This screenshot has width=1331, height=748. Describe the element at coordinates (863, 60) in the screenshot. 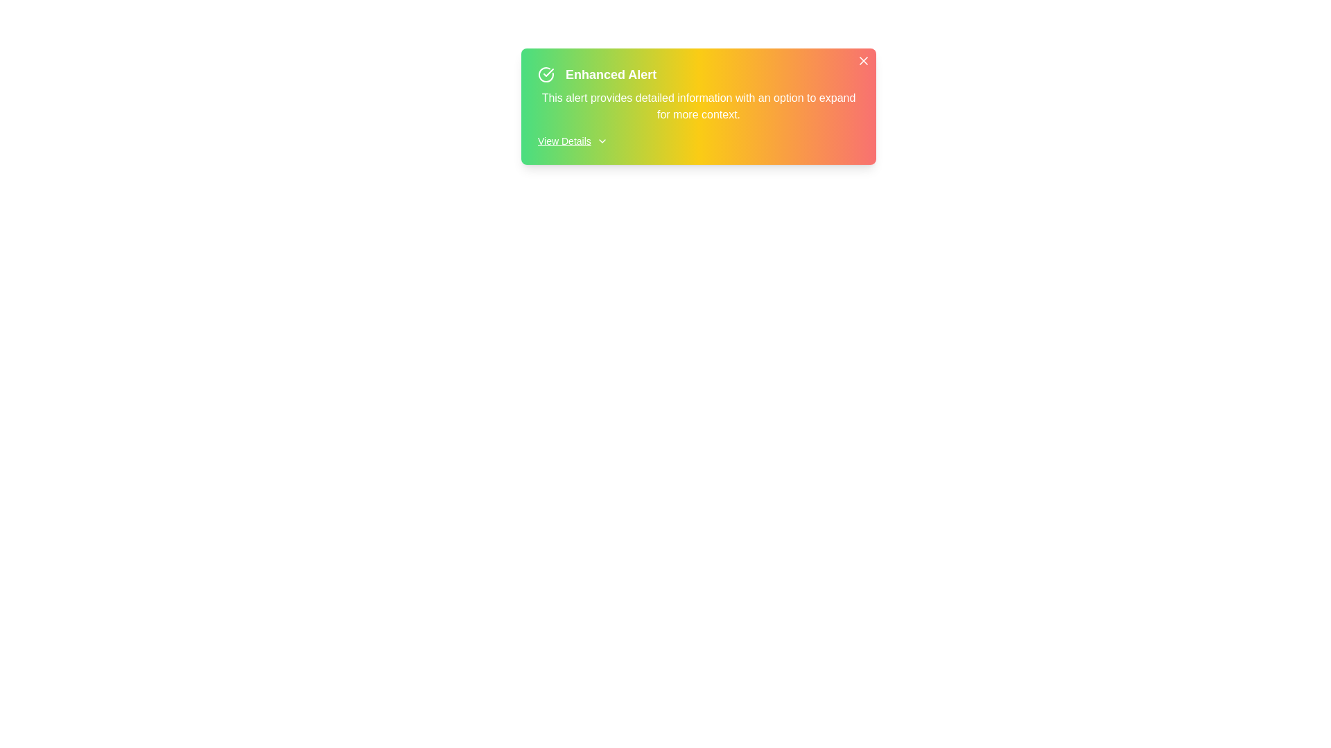

I see `the close button to hide the alert` at that location.